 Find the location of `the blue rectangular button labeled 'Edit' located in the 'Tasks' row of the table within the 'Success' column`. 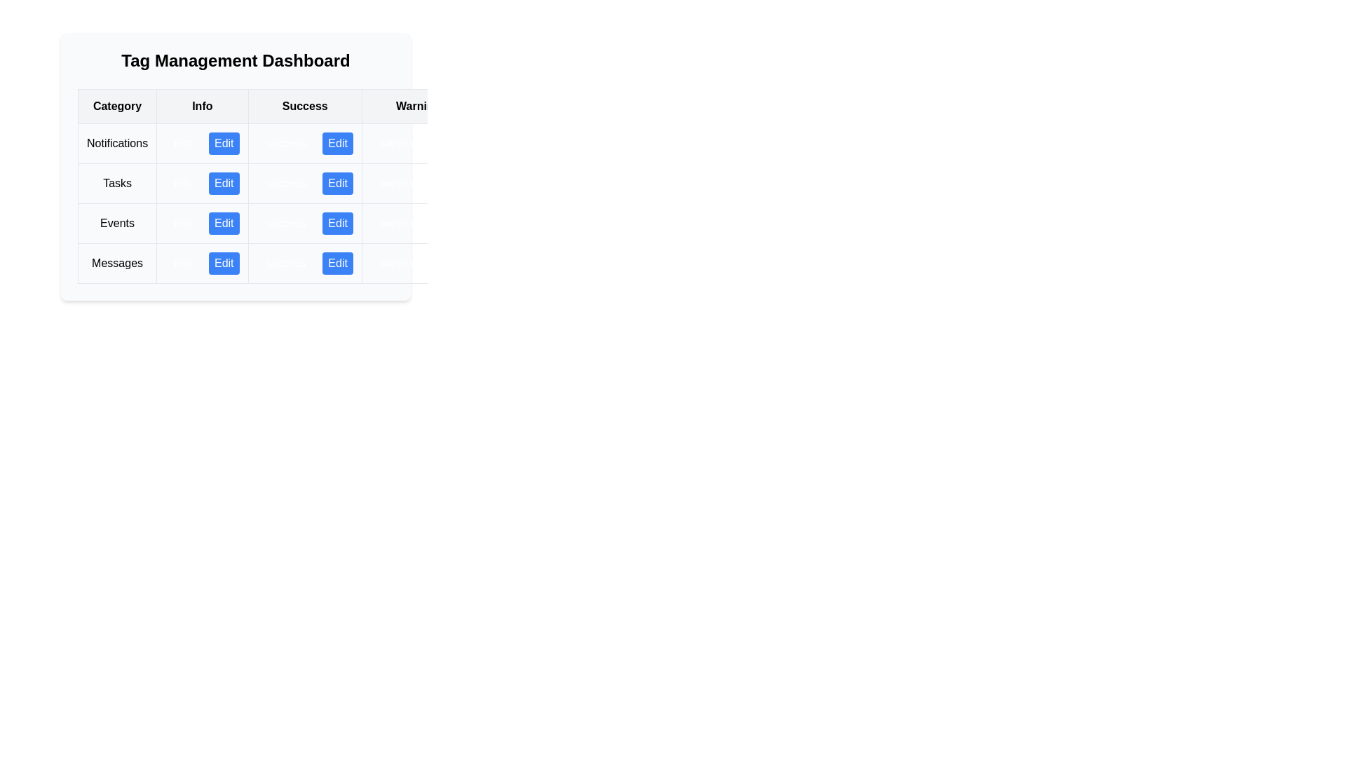

the blue rectangular button labeled 'Edit' located in the 'Tasks' row of the table within the 'Success' column is located at coordinates (324, 183).